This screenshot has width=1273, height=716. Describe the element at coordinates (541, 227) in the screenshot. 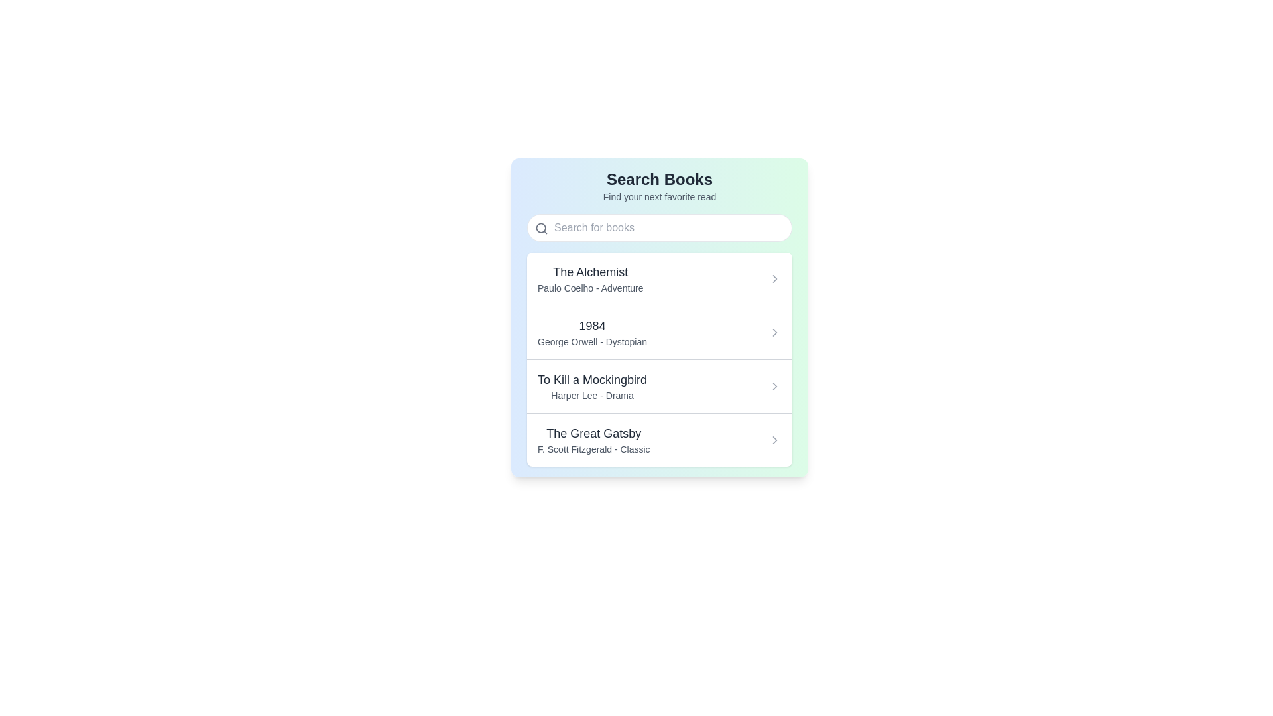

I see `the search icon located at the top-left corner of the search input field, which symbolizes the action of initiating a search` at that location.